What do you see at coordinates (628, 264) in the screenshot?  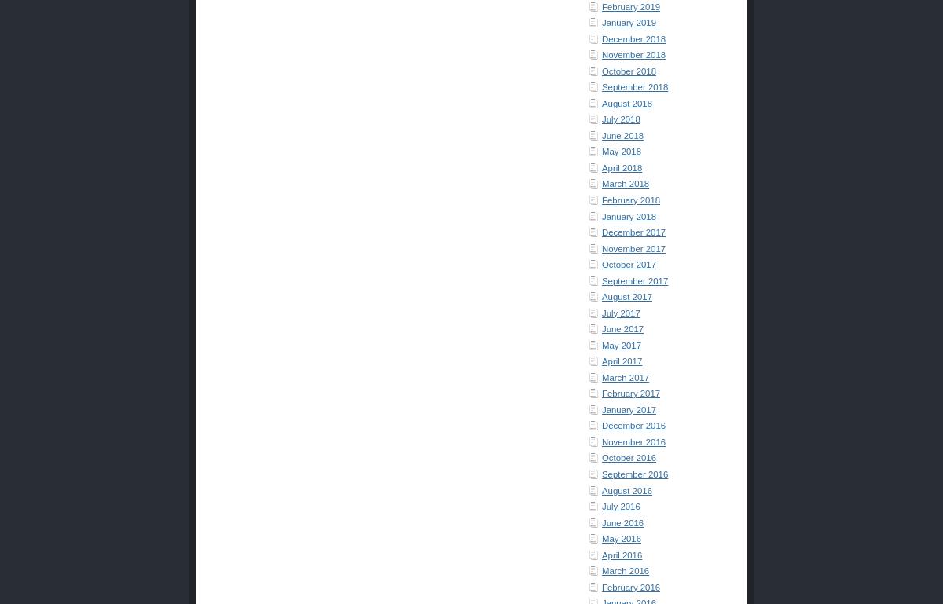 I see `'October 2017'` at bounding box center [628, 264].